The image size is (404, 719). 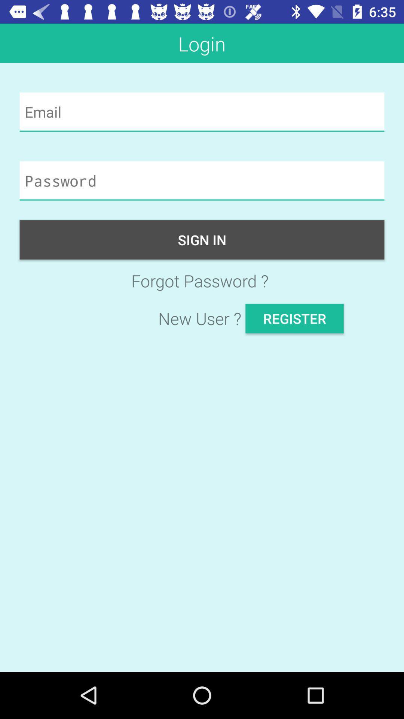 I want to click on icon on the right, so click(x=294, y=318).